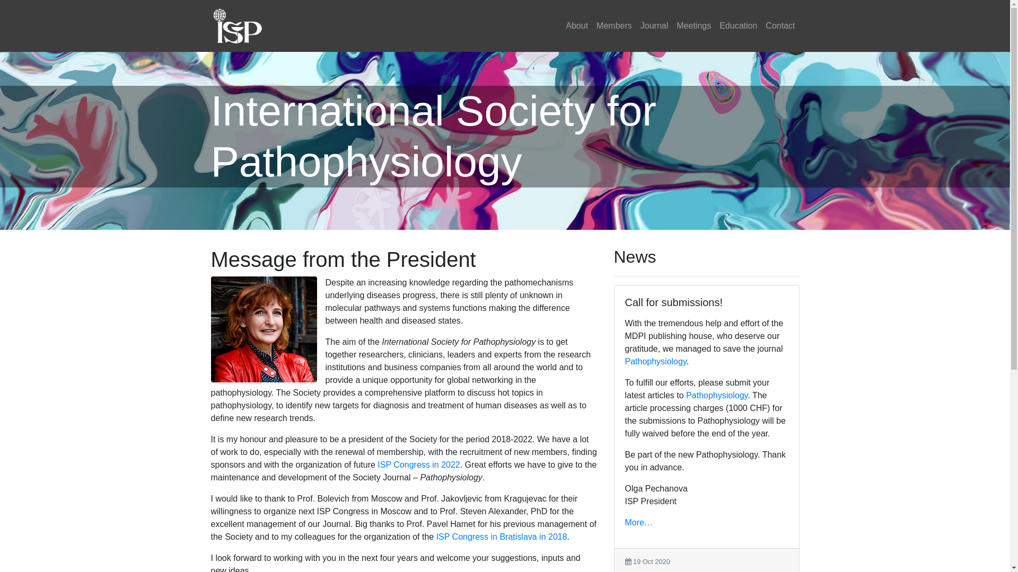 This screenshot has height=572, width=1018. I want to click on 'Education', so click(715, 25).